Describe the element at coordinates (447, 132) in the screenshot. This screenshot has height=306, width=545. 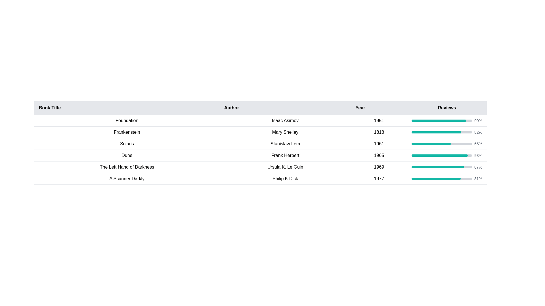
I see `the teal progress bar with rounded edges that indicates 82% completion, located in the fourth row under the 'Reviews' column, adjacent to the '1818' text in the 'Year' column` at that location.